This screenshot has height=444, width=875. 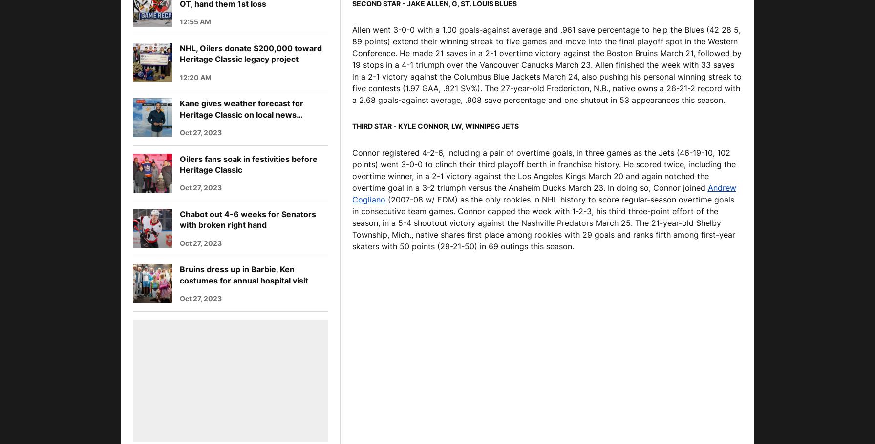 I want to click on '12:55 AM', so click(x=195, y=21).